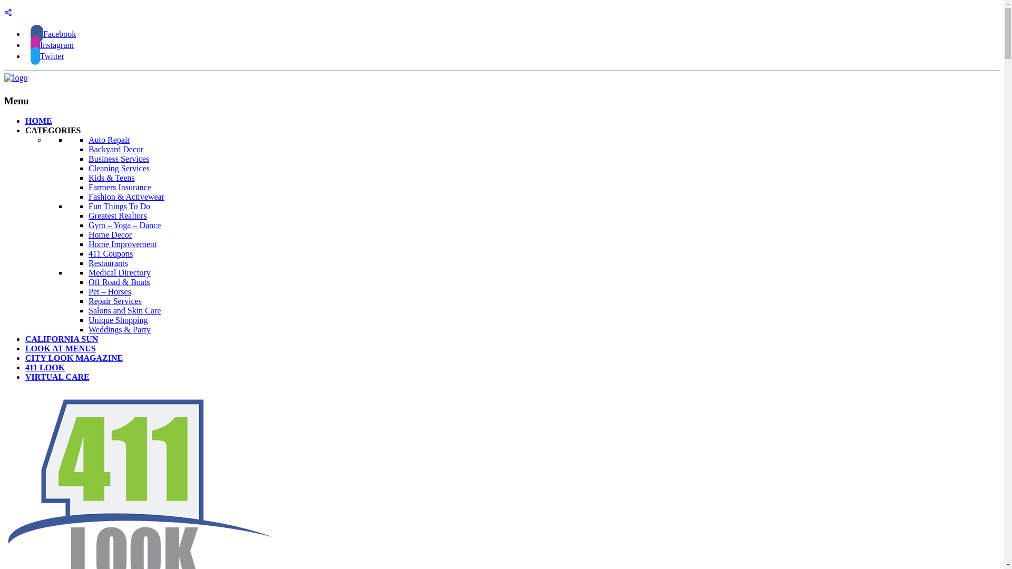 The height and width of the screenshot is (569, 1012). What do you see at coordinates (124, 310) in the screenshot?
I see `'Salons and Skin Care'` at bounding box center [124, 310].